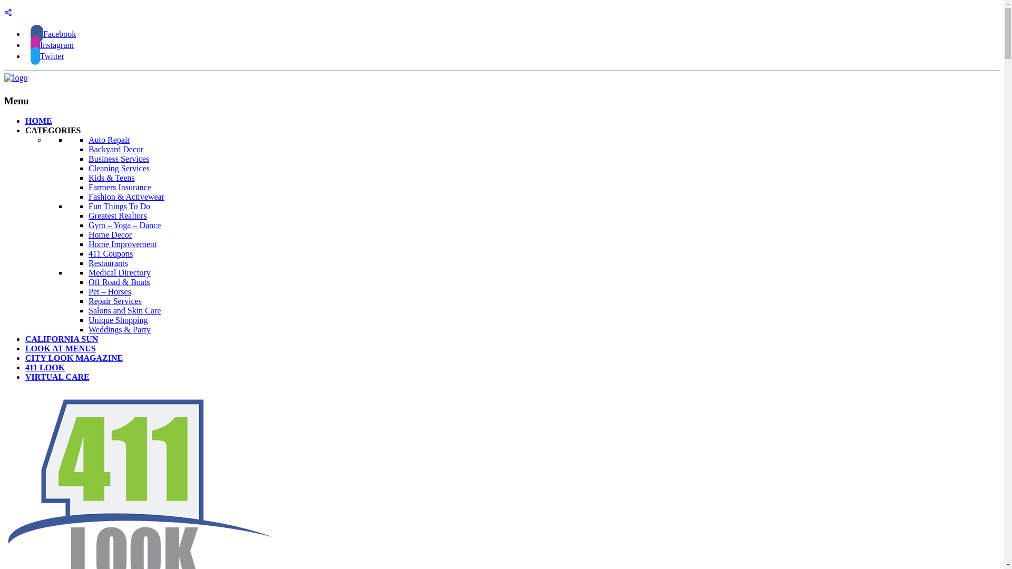 The height and width of the screenshot is (569, 1012). What do you see at coordinates (124, 310) in the screenshot?
I see `'Salons and Skin Care'` at bounding box center [124, 310].